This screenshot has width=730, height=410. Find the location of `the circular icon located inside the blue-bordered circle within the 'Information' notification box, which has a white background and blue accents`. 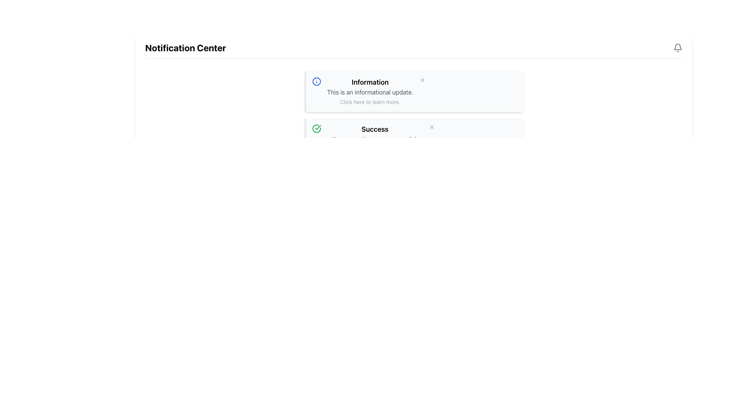

the circular icon located inside the blue-bordered circle within the 'Information' notification box, which has a white background and blue accents is located at coordinates (316, 82).